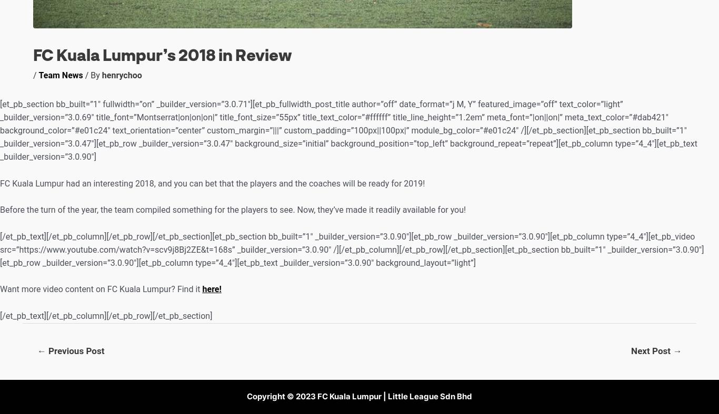 This screenshot has width=719, height=414. Describe the element at coordinates (351, 249) in the screenshot. I see `'[/et_pb_text][/et_pb_column][/et_pb_row][/et_pb_section][et_pb_section bb_built=”1″ _builder_version=”3.0.90″][et_pb_row _builder_version=”3.0.90″][et_pb_column type=”4_4″][et_pb_video src=”https://www.youtube.com/watch?v=scv9j8Bj2ZE&t=168s” _builder_version=”3.0.90″ /][/et_pb_column][/et_pb_row][/et_pb_section][et_pb_section bb_built=”1″ _builder_version=”3.0.90″][et_pb_row _builder_version=”3.0.90″][et_pb_column type=”4_4″][et_pb_text _builder_version=”3.0.90″ background_layout=”light”]'` at that location.